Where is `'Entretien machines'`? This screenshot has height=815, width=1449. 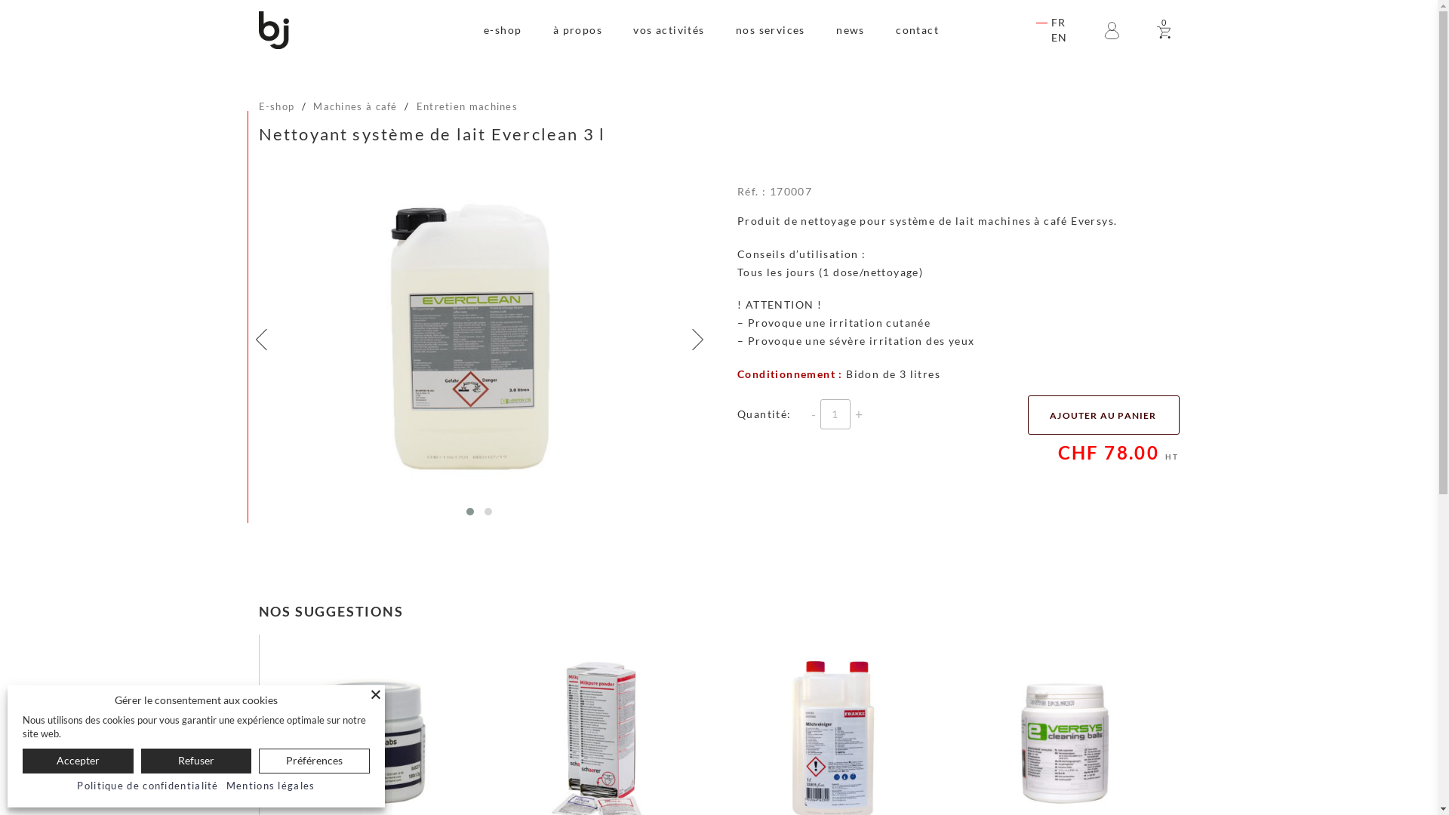
'Entretien machines' is located at coordinates (466, 106).